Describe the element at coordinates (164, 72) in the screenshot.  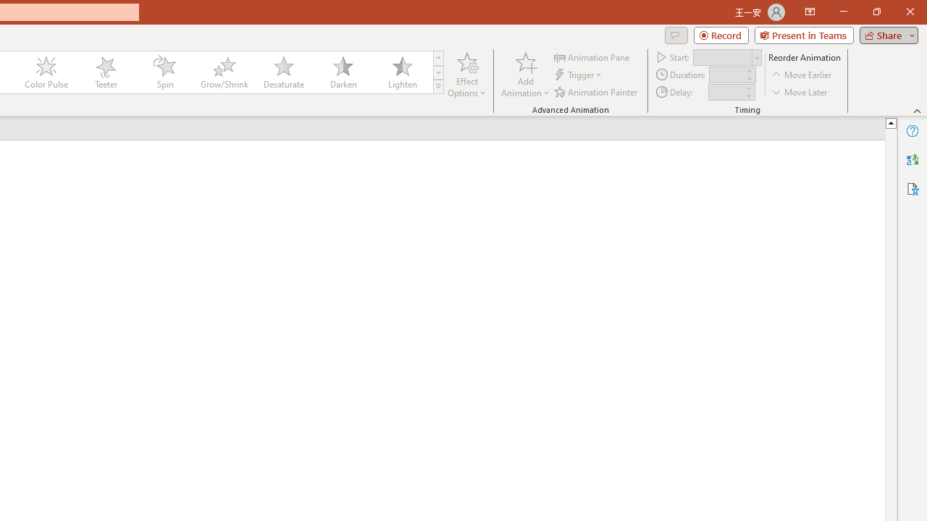
I see `'Spin'` at that location.